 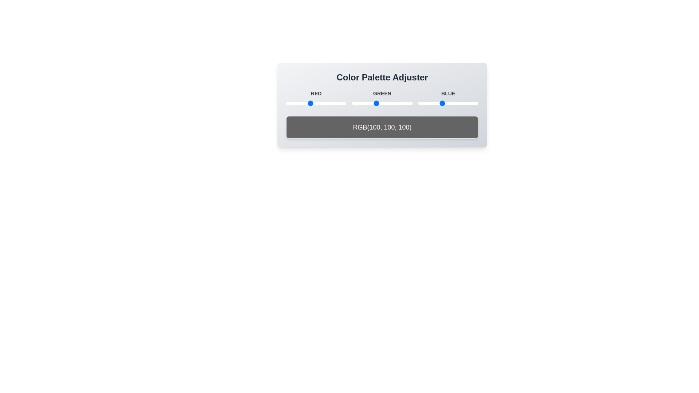 What do you see at coordinates (289, 103) in the screenshot?
I see `the red color slider to 15` at bounding box center [289, 103].